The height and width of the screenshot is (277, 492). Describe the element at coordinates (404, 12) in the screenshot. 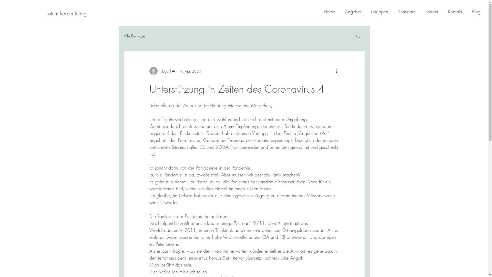

I see `'Seminare'` at that location.